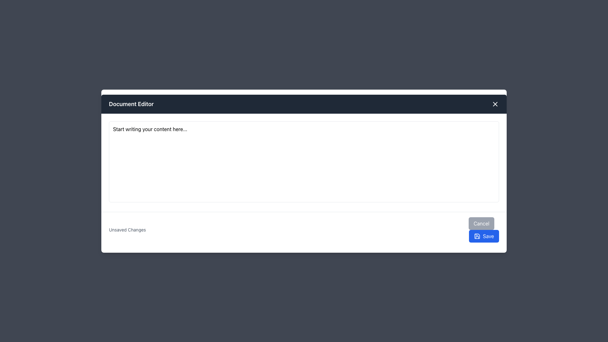 The width and height of the screenshot is (608, 342). What do you see at coordinates (477, 236) in the screenshot?
I see `the Graphics icon of the Save button located at the bottom-right of the modal dialog, which indicates its purpose to save changes or files` at bounding box center [477, 236].